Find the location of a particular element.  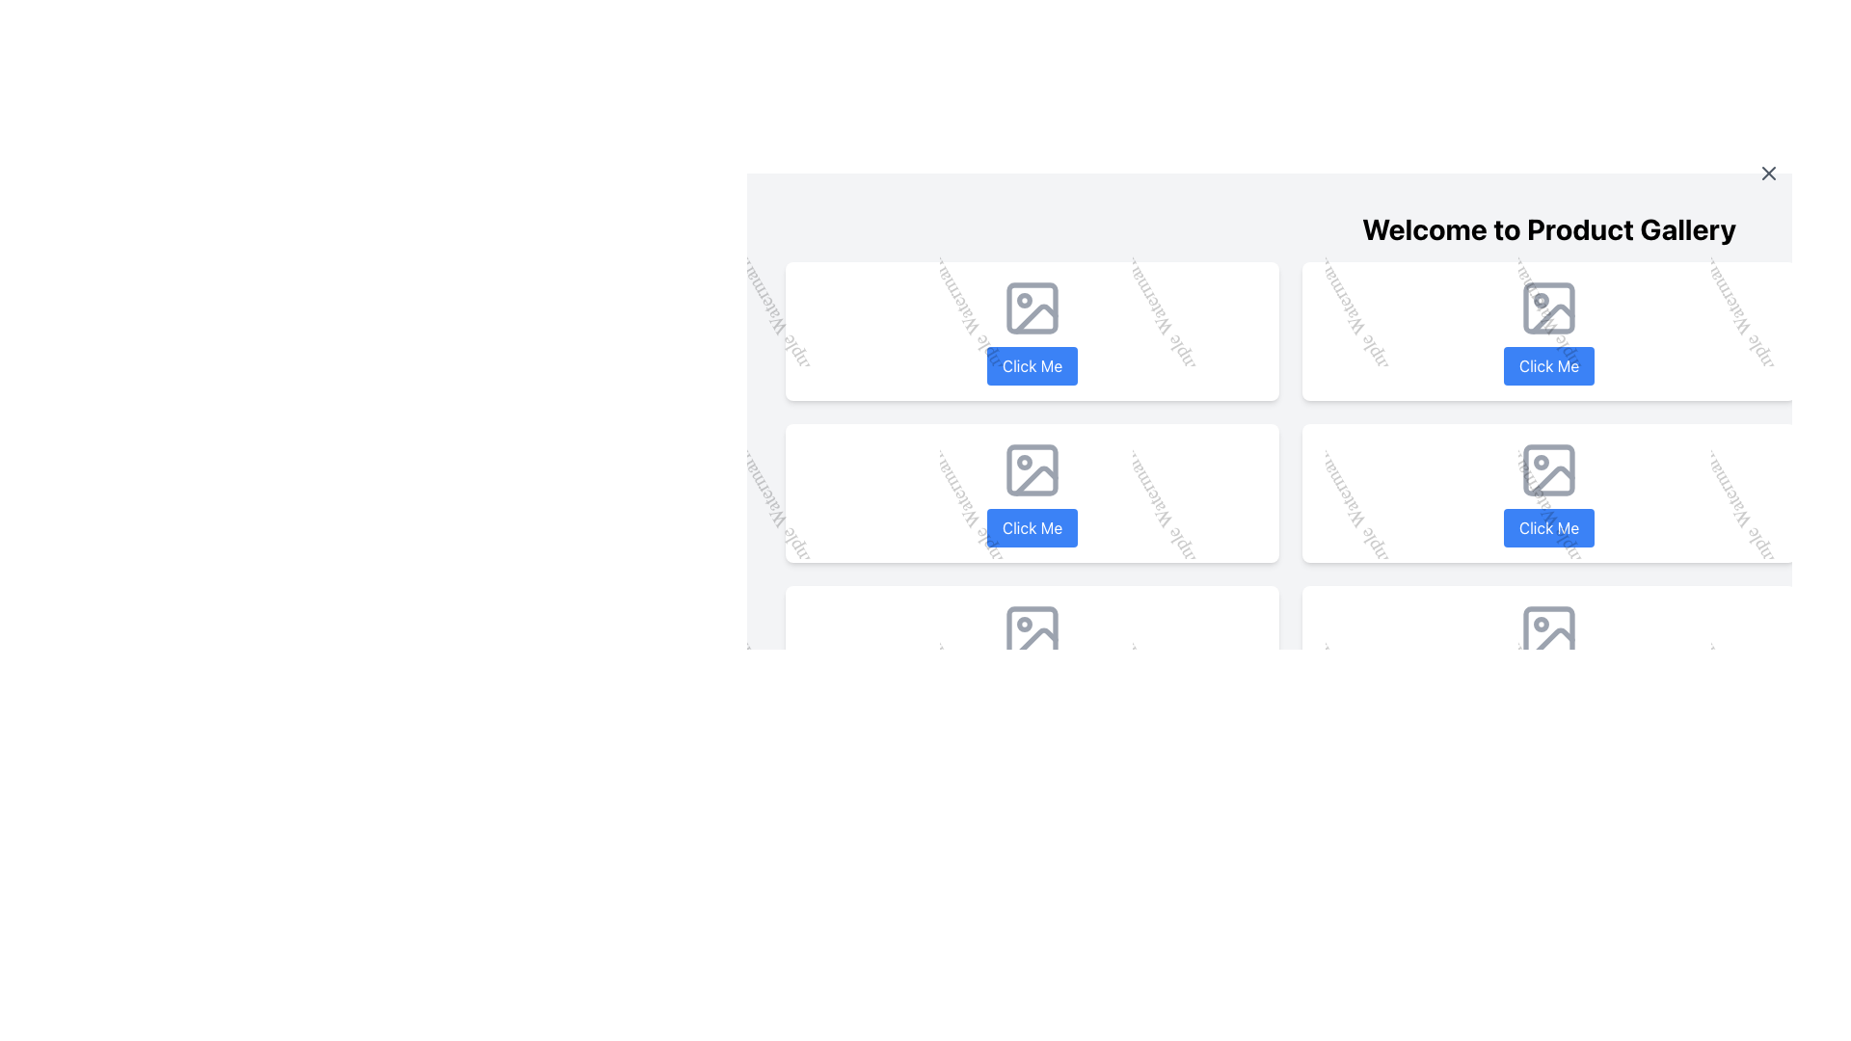

the close button represented by a cross icon located in the top-right corner of the application interface is located at coordinates (1768, 173).